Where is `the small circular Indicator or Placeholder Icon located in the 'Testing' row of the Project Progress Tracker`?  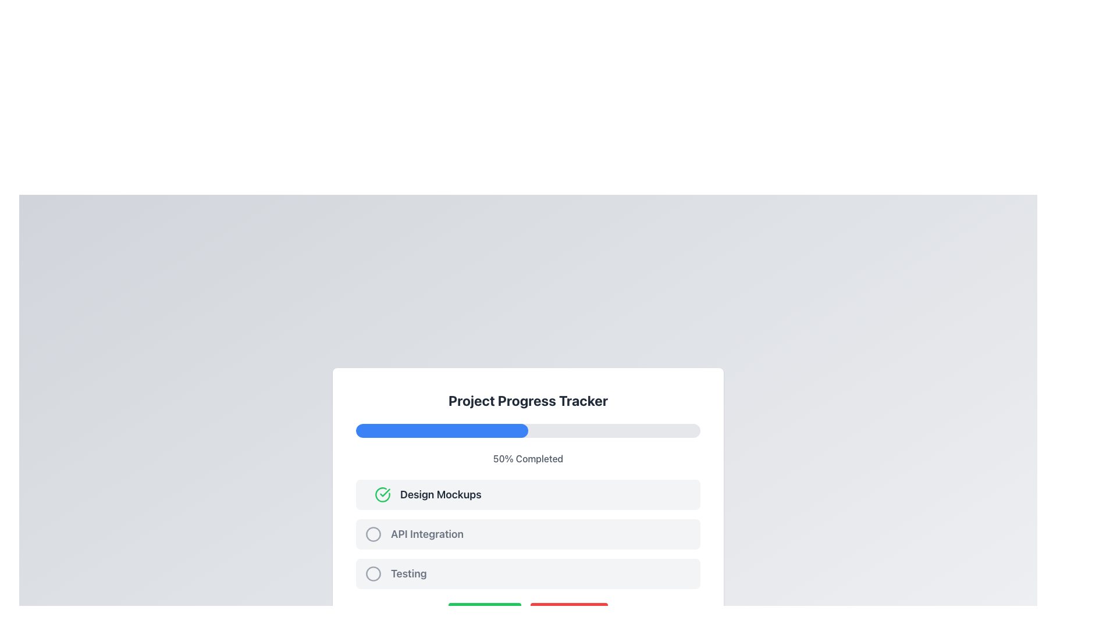
the small circular Indicator or Placeholder Icon located in the 'Testing' row of the Project Progress Tracker is located at coordinates (373, 573).